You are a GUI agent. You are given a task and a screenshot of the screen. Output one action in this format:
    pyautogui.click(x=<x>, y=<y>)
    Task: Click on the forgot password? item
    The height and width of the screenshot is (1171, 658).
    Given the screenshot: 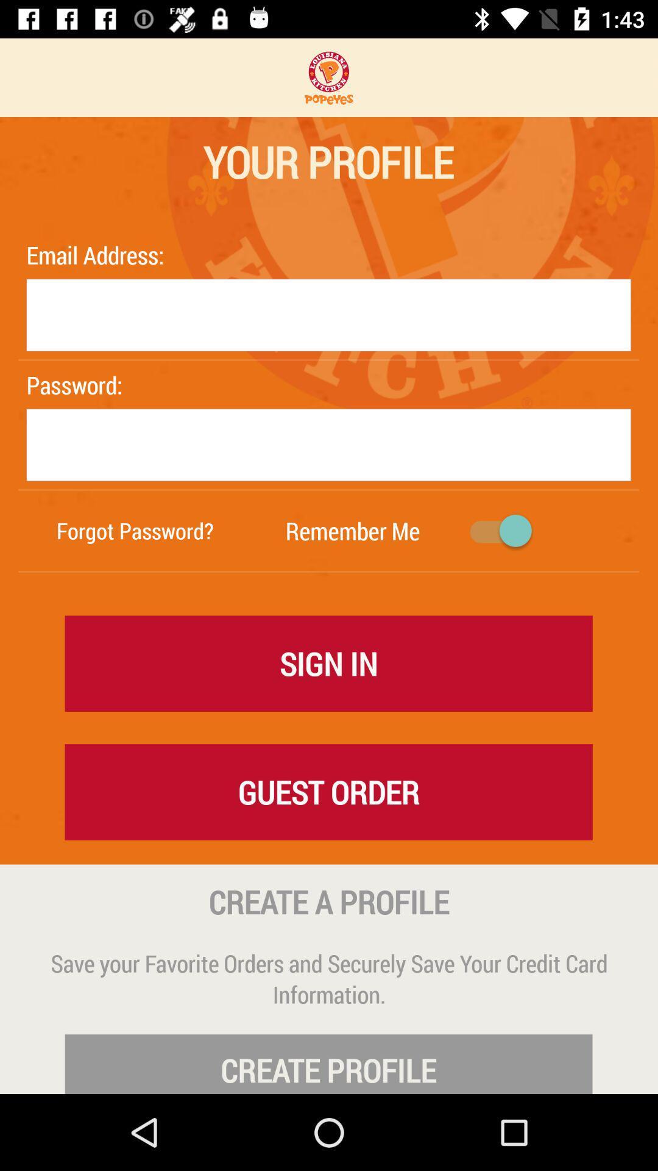 What is the action you would take?
    pyautogui.click(x=135, y=531)
    